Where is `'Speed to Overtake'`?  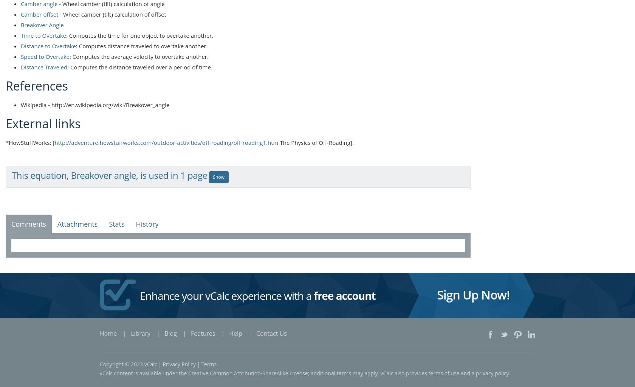 'Speed to Overtake' is located at coordinates (45, 56).